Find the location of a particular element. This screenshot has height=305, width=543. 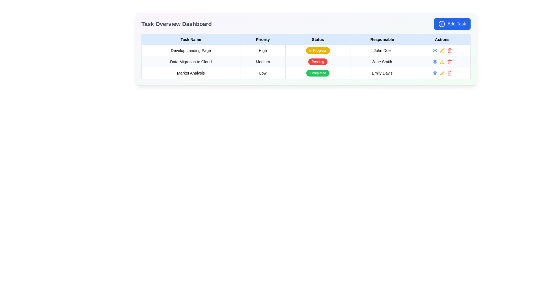

the red trash can icon button located in the second row of the table is located at coordinates (442, 62).